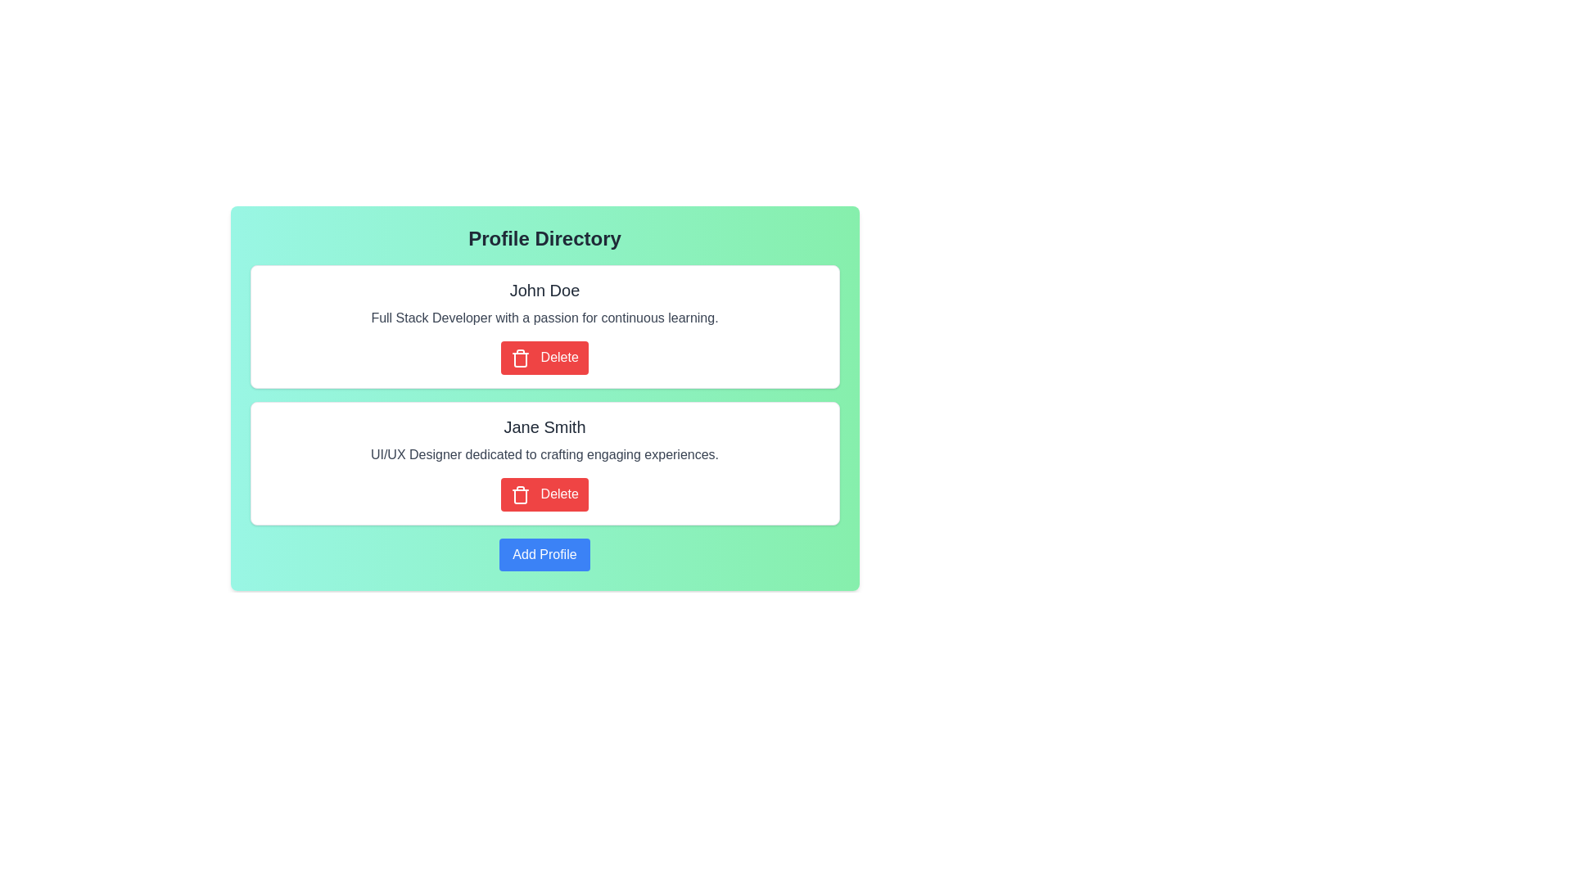 This screenshot has height=884, width=1572. I want to click on the 'Delete' button located at the bottom-right of the white card section for the profile titled 'John Doe', so click(544, 357).